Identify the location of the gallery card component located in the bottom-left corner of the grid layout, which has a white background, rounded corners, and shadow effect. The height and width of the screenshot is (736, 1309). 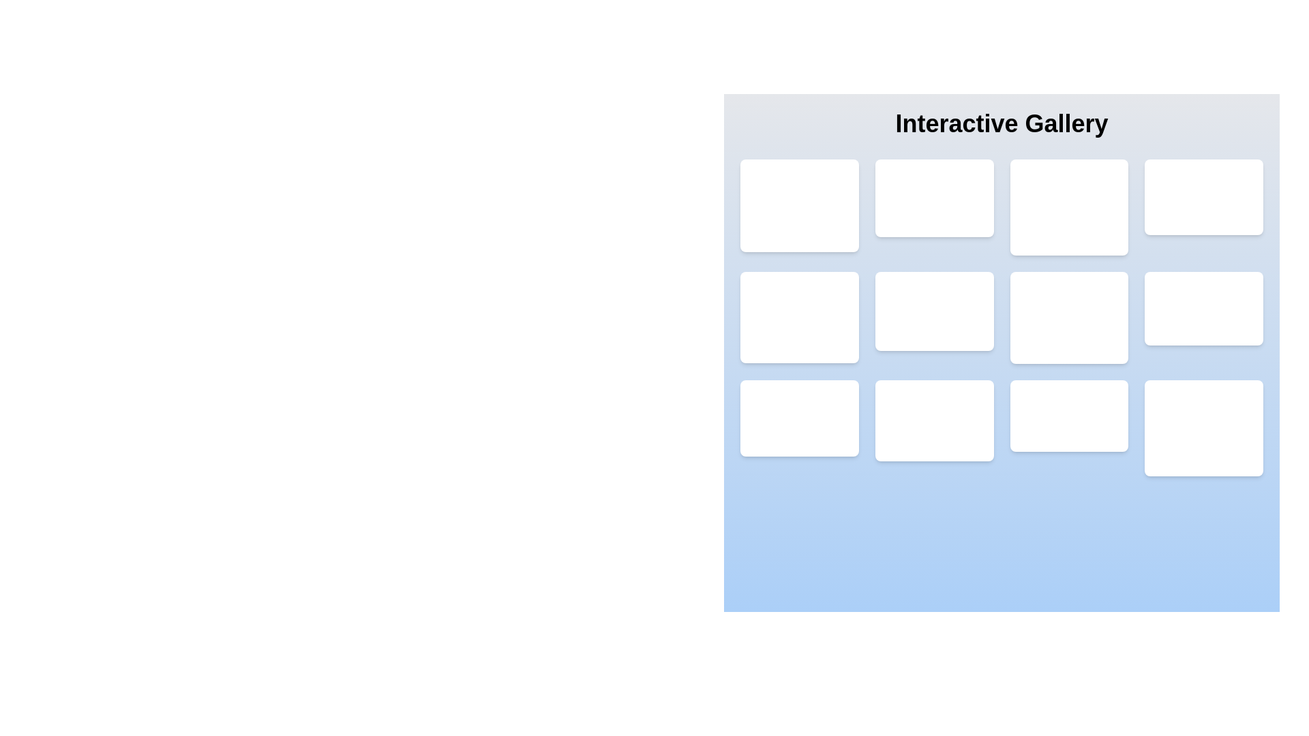
(799, 417).